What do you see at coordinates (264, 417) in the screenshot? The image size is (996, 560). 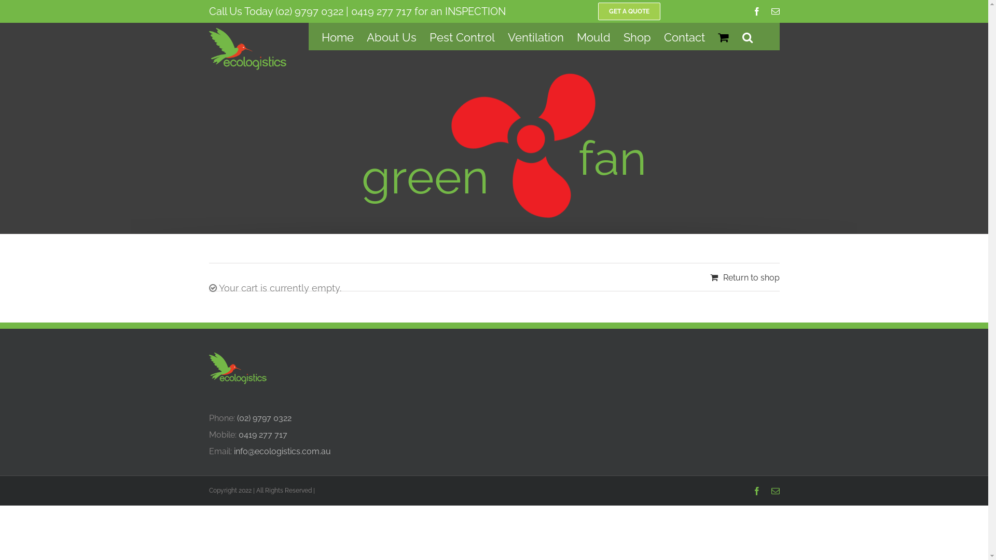 I see `'(02) 9797 0322'` at bounding box center [264, 417].